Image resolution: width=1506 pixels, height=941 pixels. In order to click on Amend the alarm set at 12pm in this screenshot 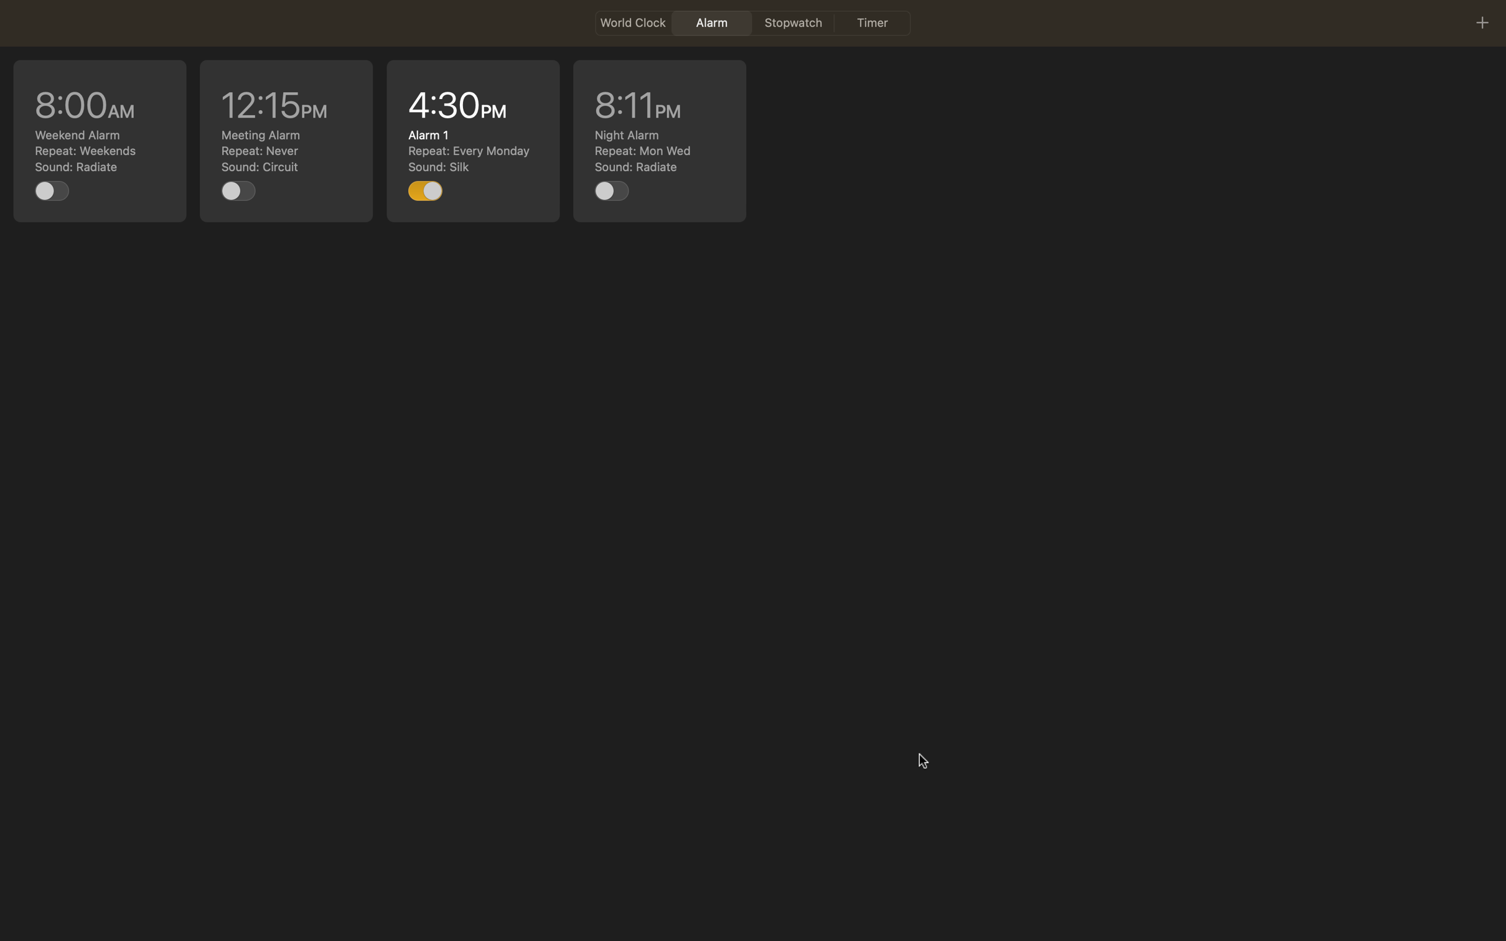, I will do `click(286, 140)`.